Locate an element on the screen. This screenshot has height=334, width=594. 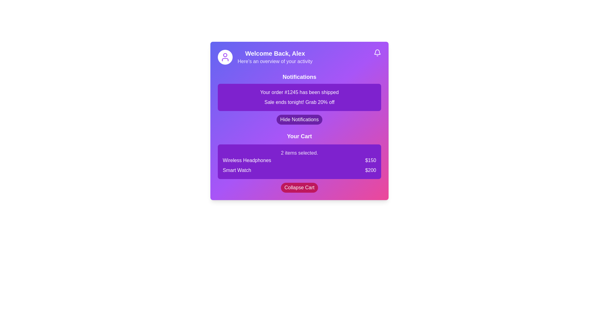
the purple user profile icon located at the top-left corner of the card is located at coordinates (225, 57).